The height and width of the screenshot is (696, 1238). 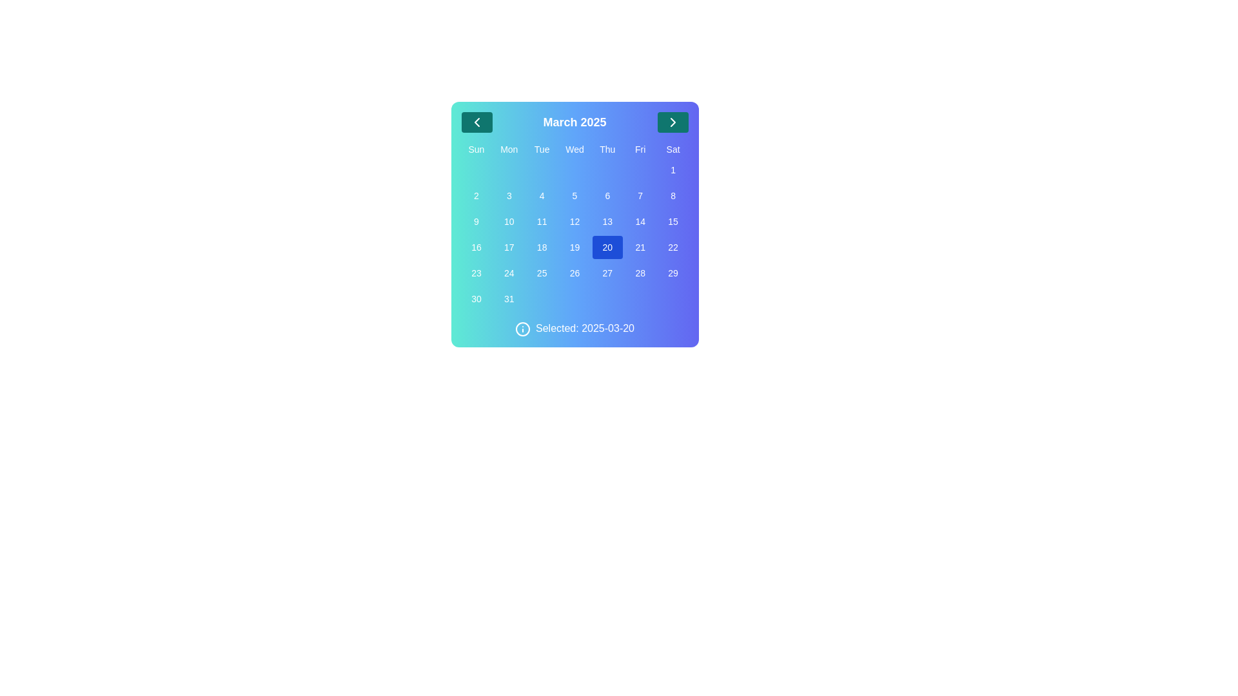 What do you see at coordinates (523, 327) in the screenshot?
I see `the circular information icon with a white border, located next to the label 'Selected: 2025-03-20' in the date selection interface` at bounding box center [523, 327].